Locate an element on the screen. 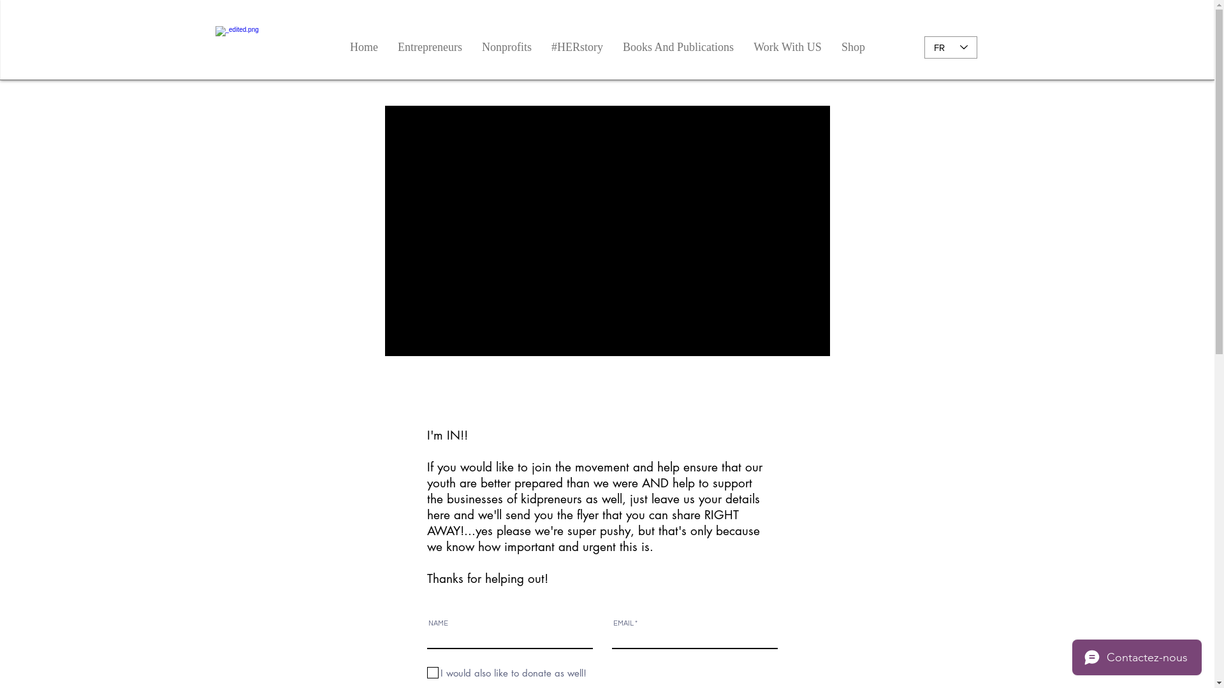 The width and height of the screenshot is (1224, 688). 'Books And Publications' is located at coordinates (677, 47).